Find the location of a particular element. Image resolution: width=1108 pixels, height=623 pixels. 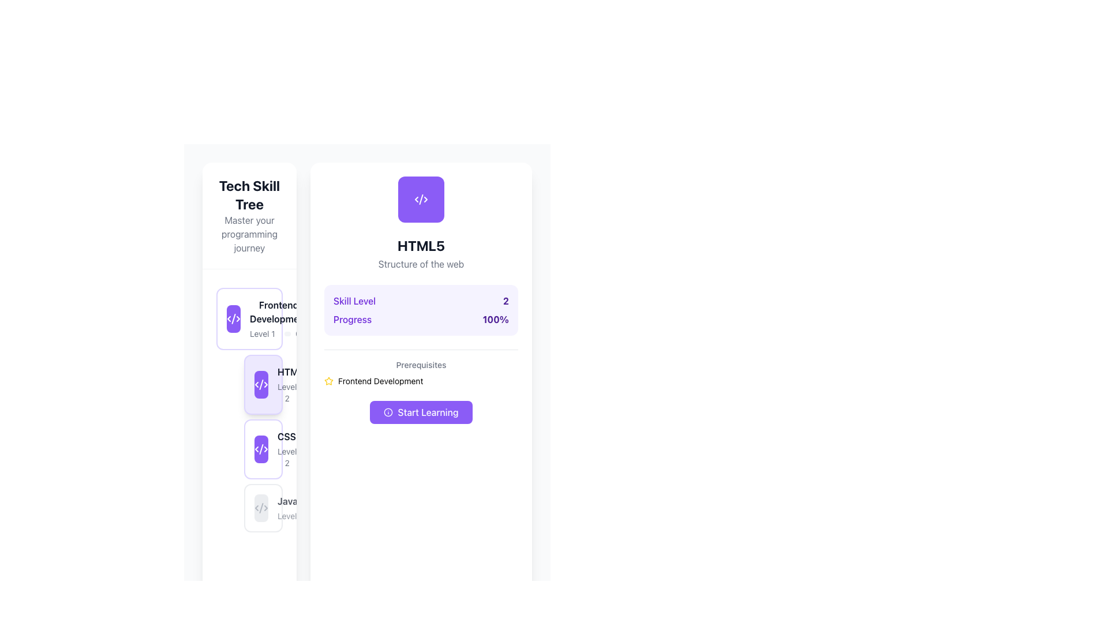

the text label displaying 'Frontend Development' located under the 'Prerequisites' section, positioned at the bottom of the right-side panel, and part of a horizontal layout with a star icon preceding it is located at coordinates (380, 381).